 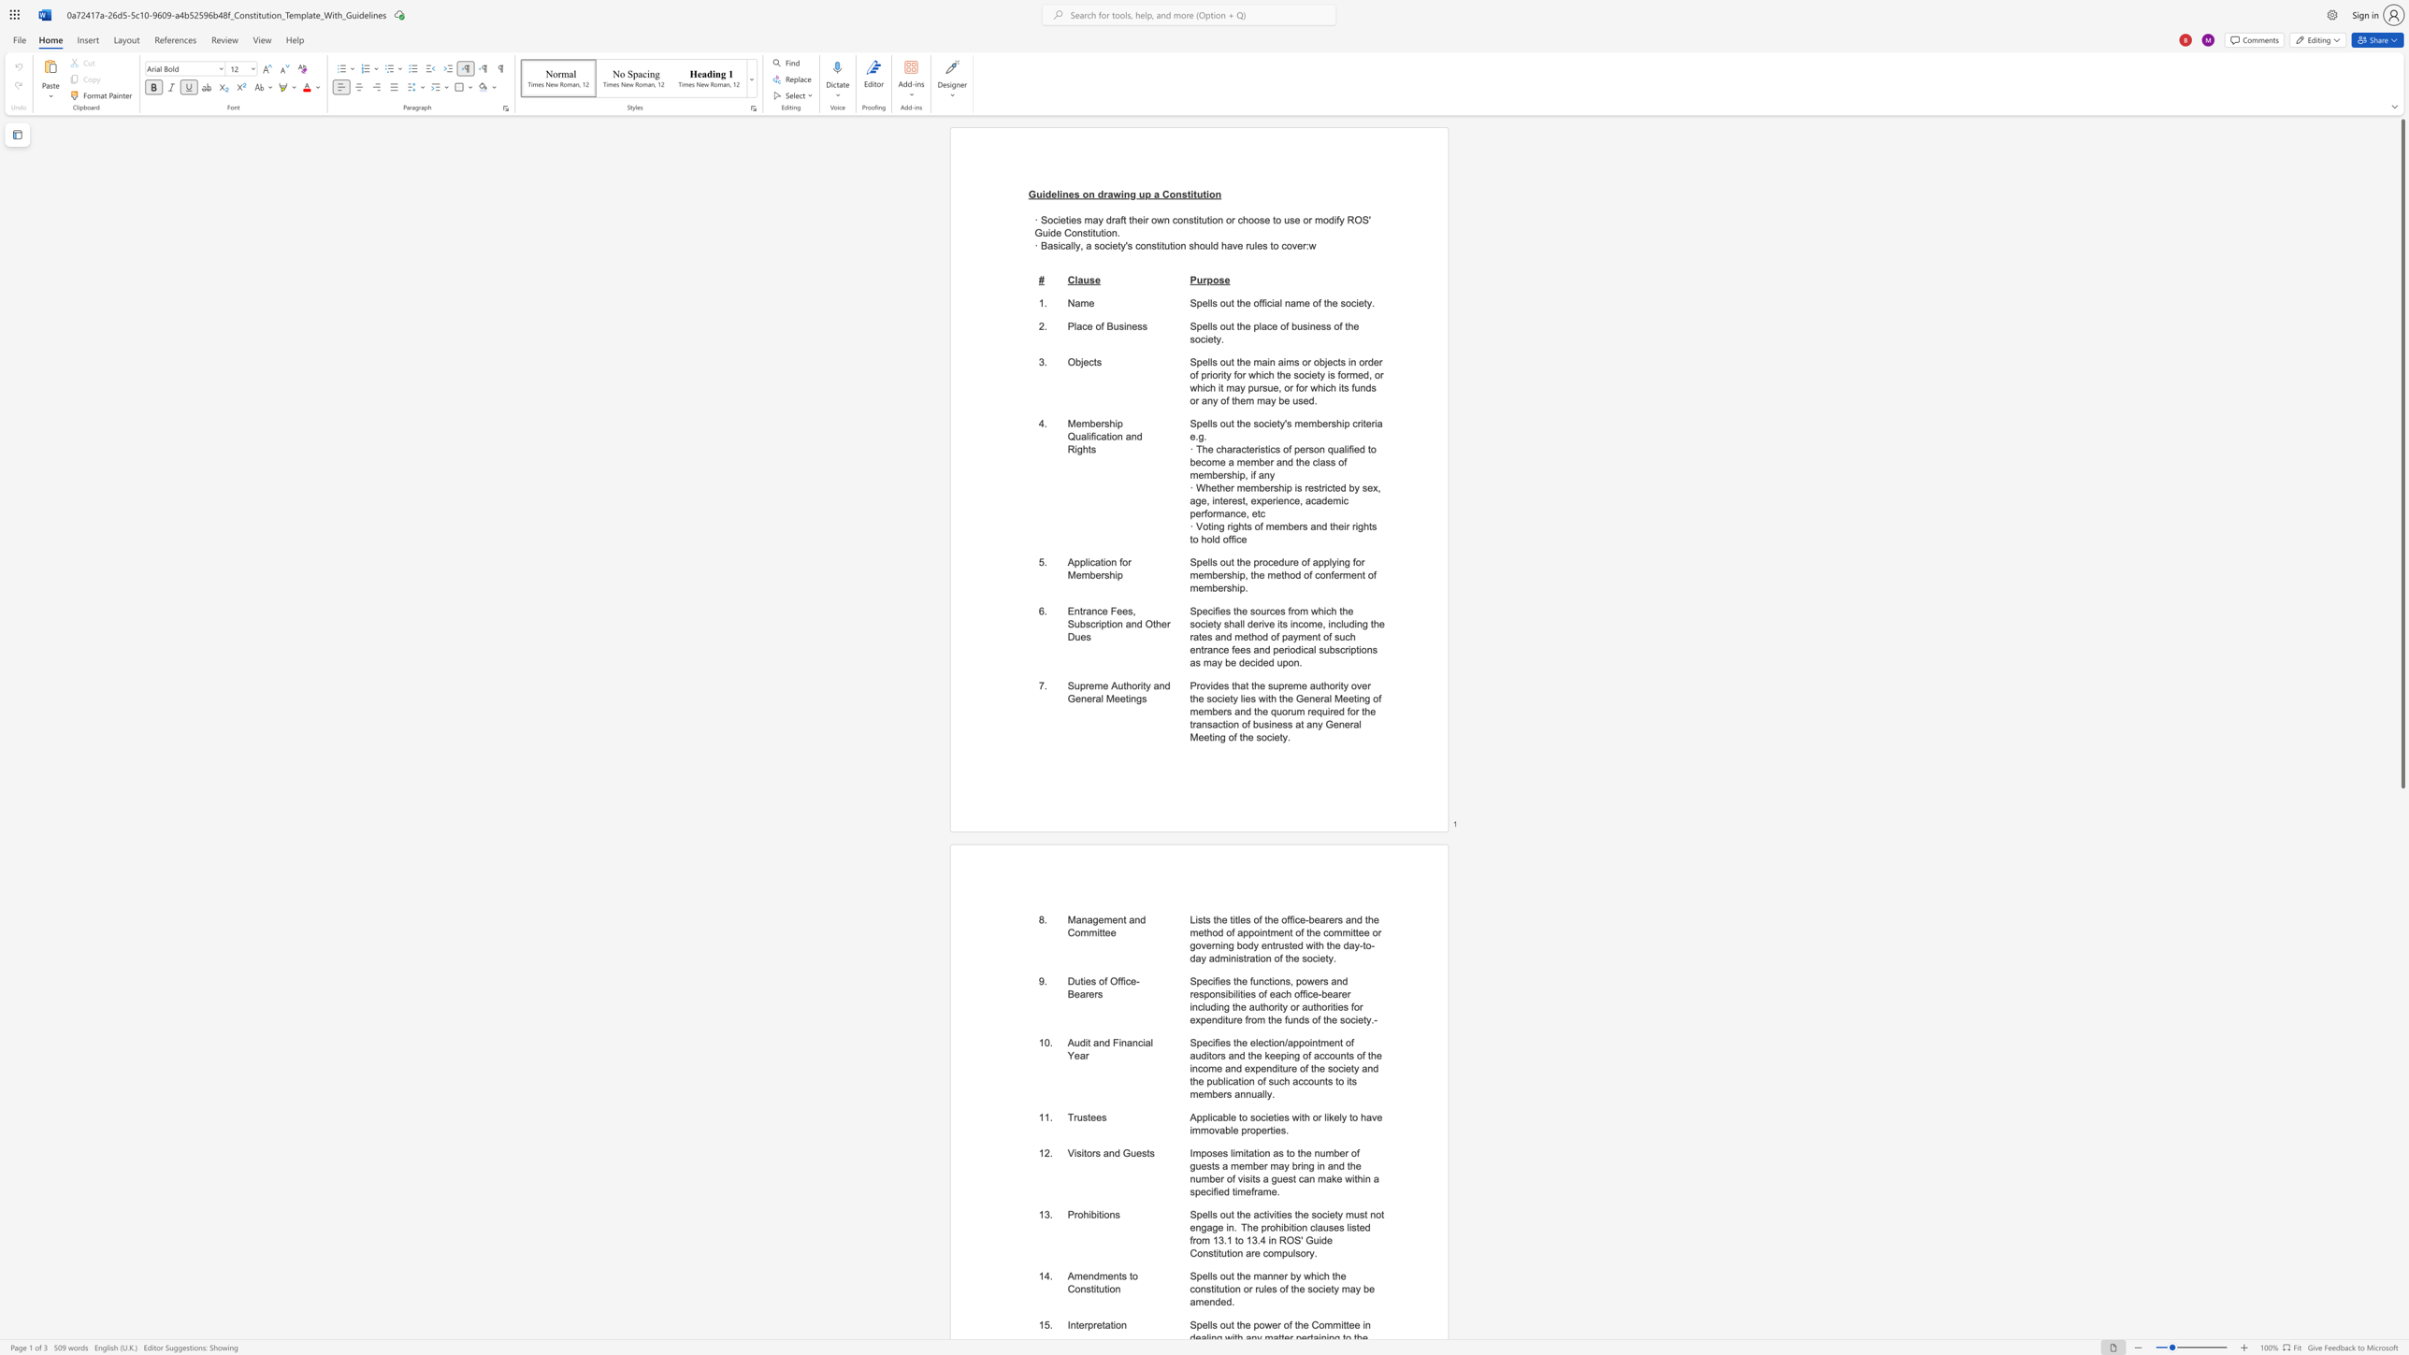 I want to click on the scrollbar to scroll the page down, so click(x=2402, y=1098).